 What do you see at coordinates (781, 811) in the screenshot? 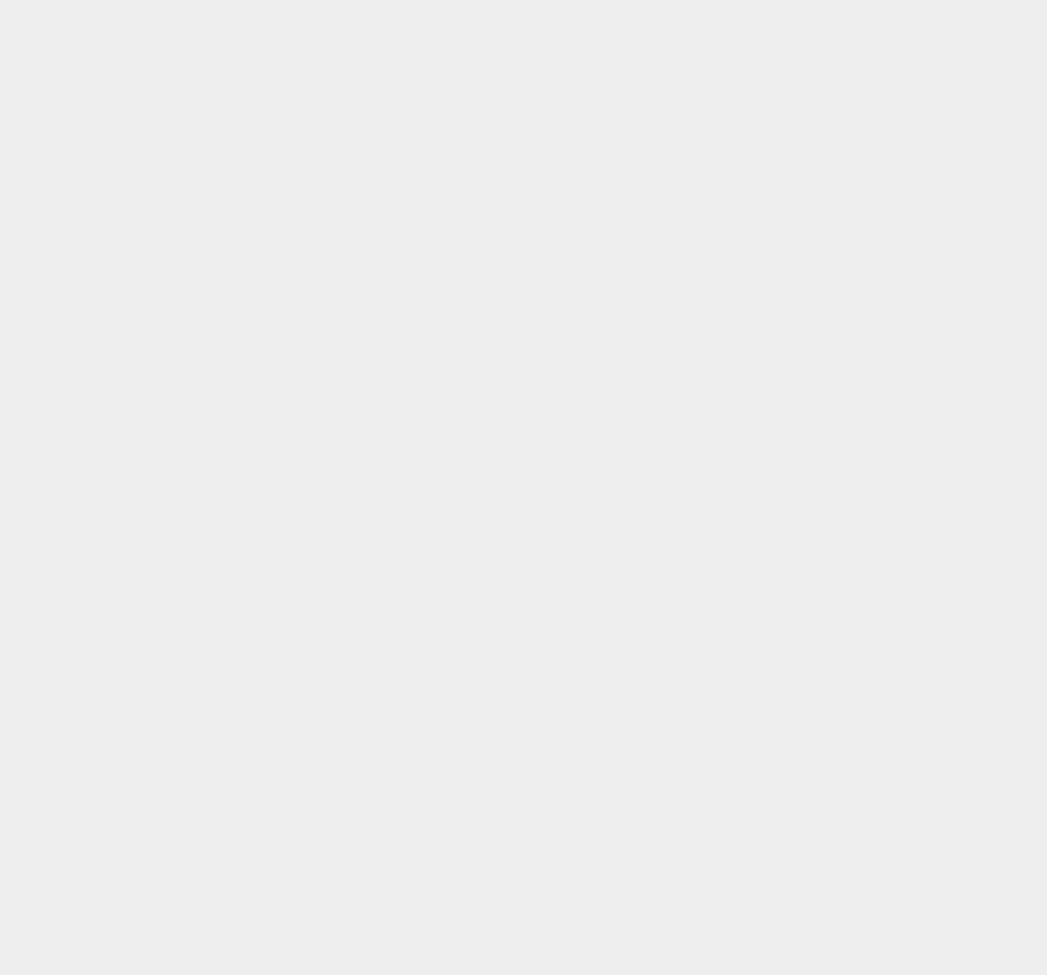
I see `'macOS Mojave'` at bounding box center [781, 811].